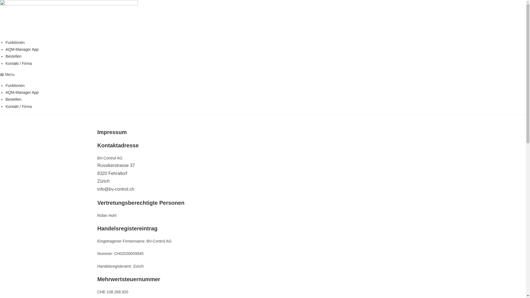 Image resolution: width=530 pixels, height=298 pixels. Describe the element at coordinates (18, 63) in the screenshot. I see `'Kontakt / Firma'` at that location.